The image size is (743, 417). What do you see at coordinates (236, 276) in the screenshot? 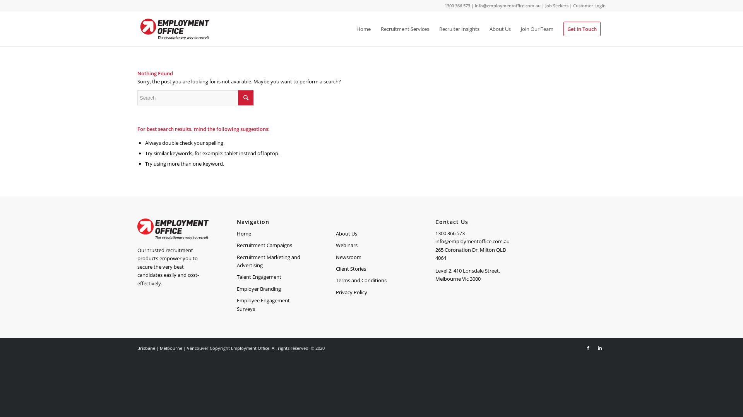
I see `'Talent Engagement'` at bounding box center [236, 276].